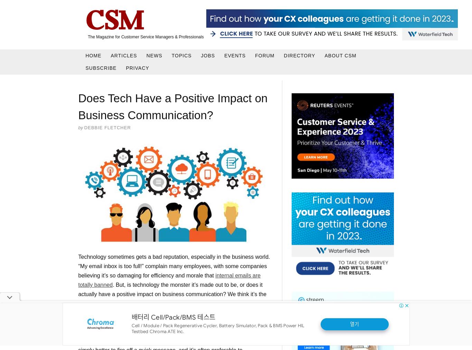 Image resolution: width=472 pixels, height=350 pixels. What do you see at coordinates (111, 55) in the screenshot?
I see `'Articles'` at bounding box center [111, 55].